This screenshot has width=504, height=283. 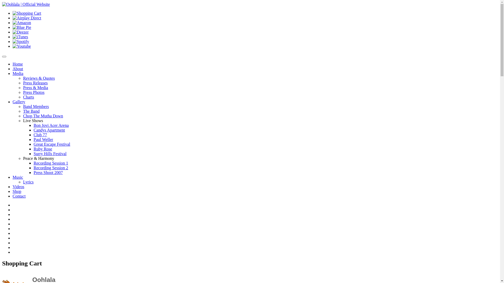 What do you see at coordinates (20, 32) in the screenshot?
I see `'Deezer'` at bounding box center [20, 32].